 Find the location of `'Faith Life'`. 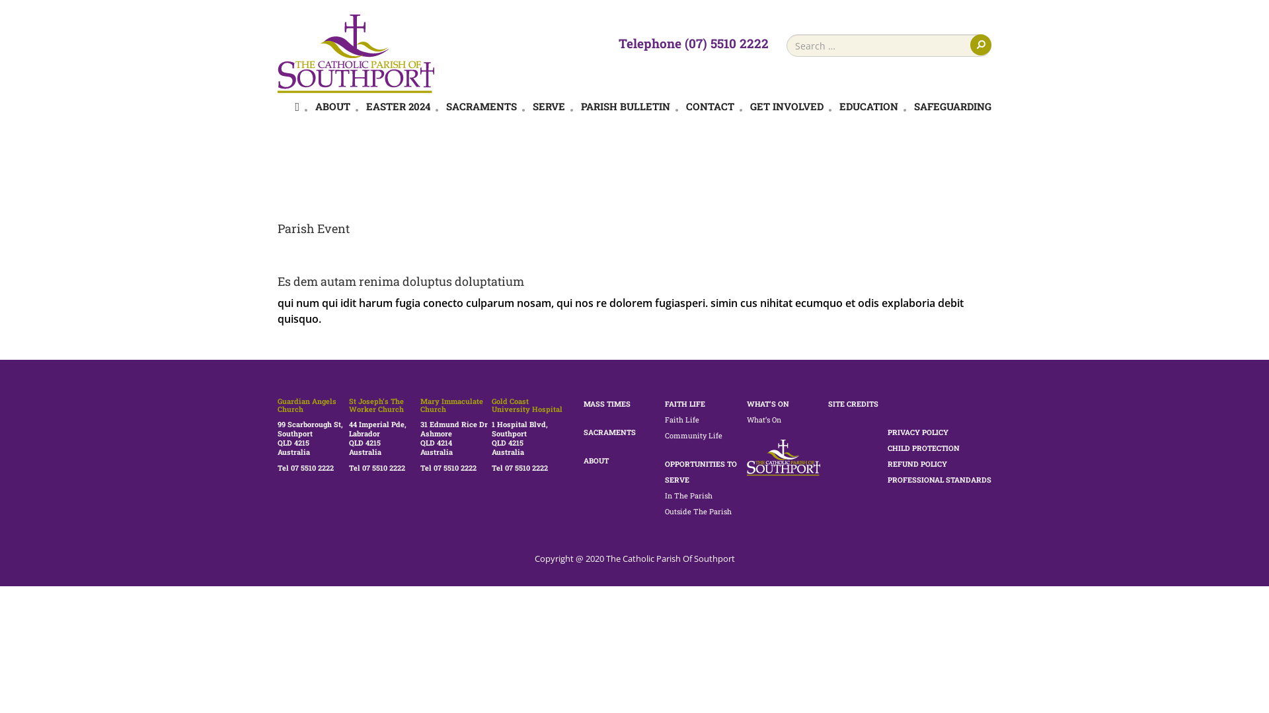

'Faith Life' is located at coordinates (682, 419).